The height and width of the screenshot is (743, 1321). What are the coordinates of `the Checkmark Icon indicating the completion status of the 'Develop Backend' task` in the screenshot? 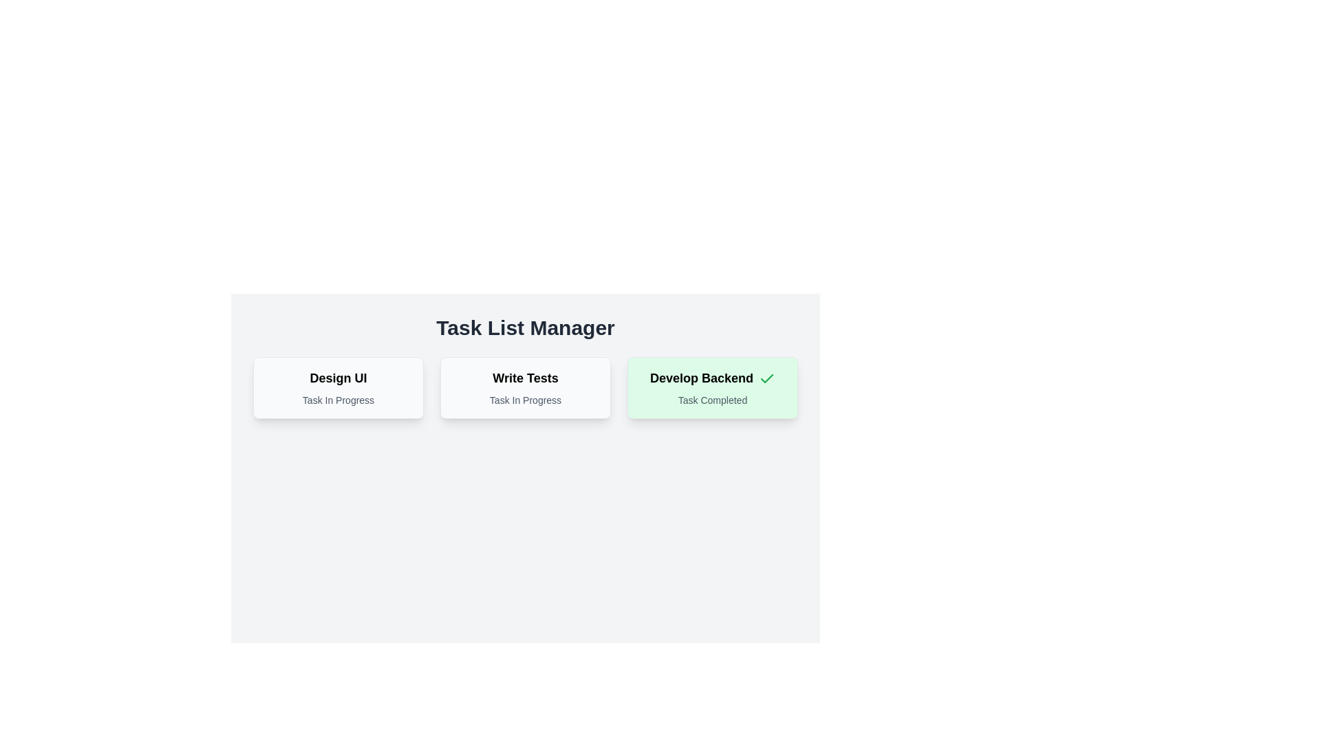 It's located at (766, 379).